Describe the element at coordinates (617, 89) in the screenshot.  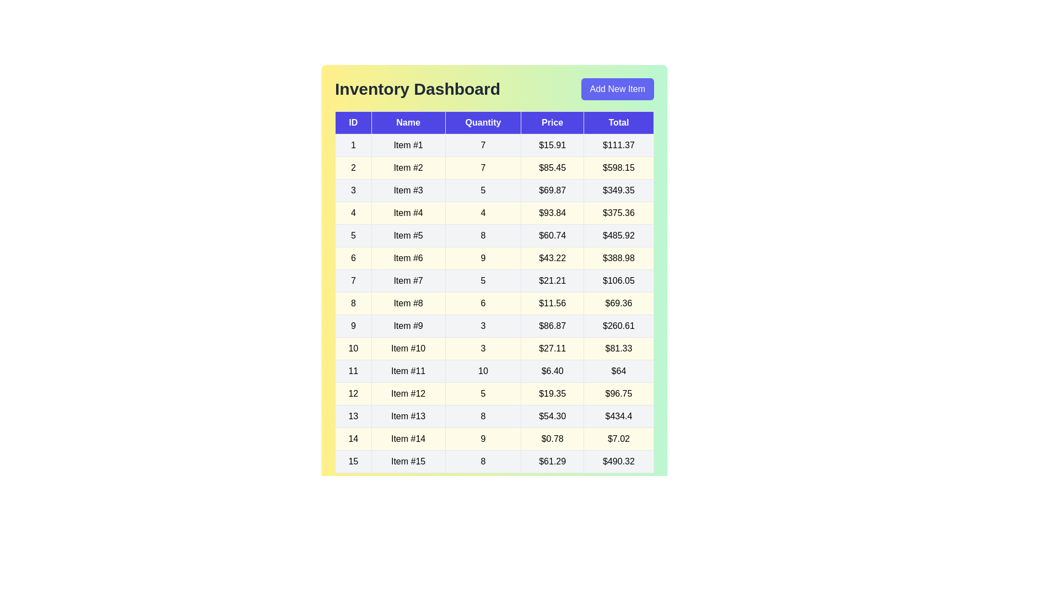
I see `the 'Add New Item' button` at that location.